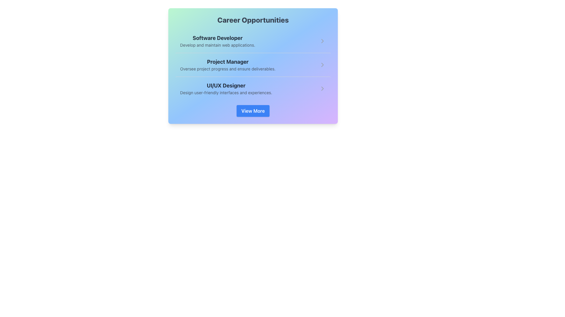 This screenshot has height=317, width=565. What do you see at coordinates (253, 111) in the screenshot?
I see `the 'View More' button with a blue background located at the bottom of the 'Career Opportunities' panel for keyboard interaction` at bounding box center [253, 111].